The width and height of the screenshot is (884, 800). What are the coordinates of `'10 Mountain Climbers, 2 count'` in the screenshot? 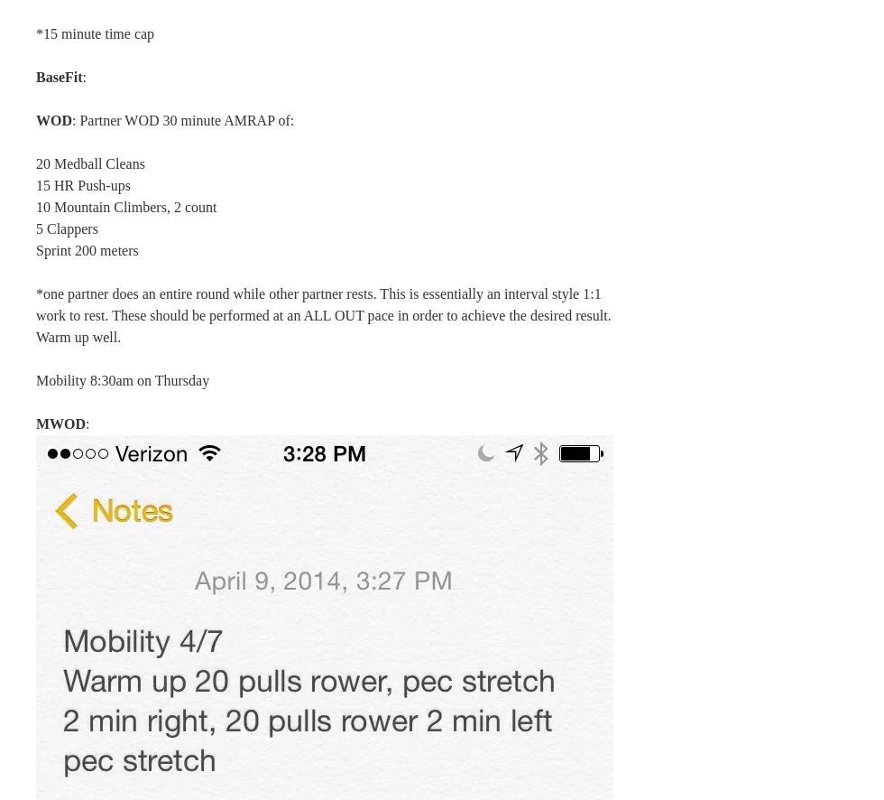 It's located at (35, 206).